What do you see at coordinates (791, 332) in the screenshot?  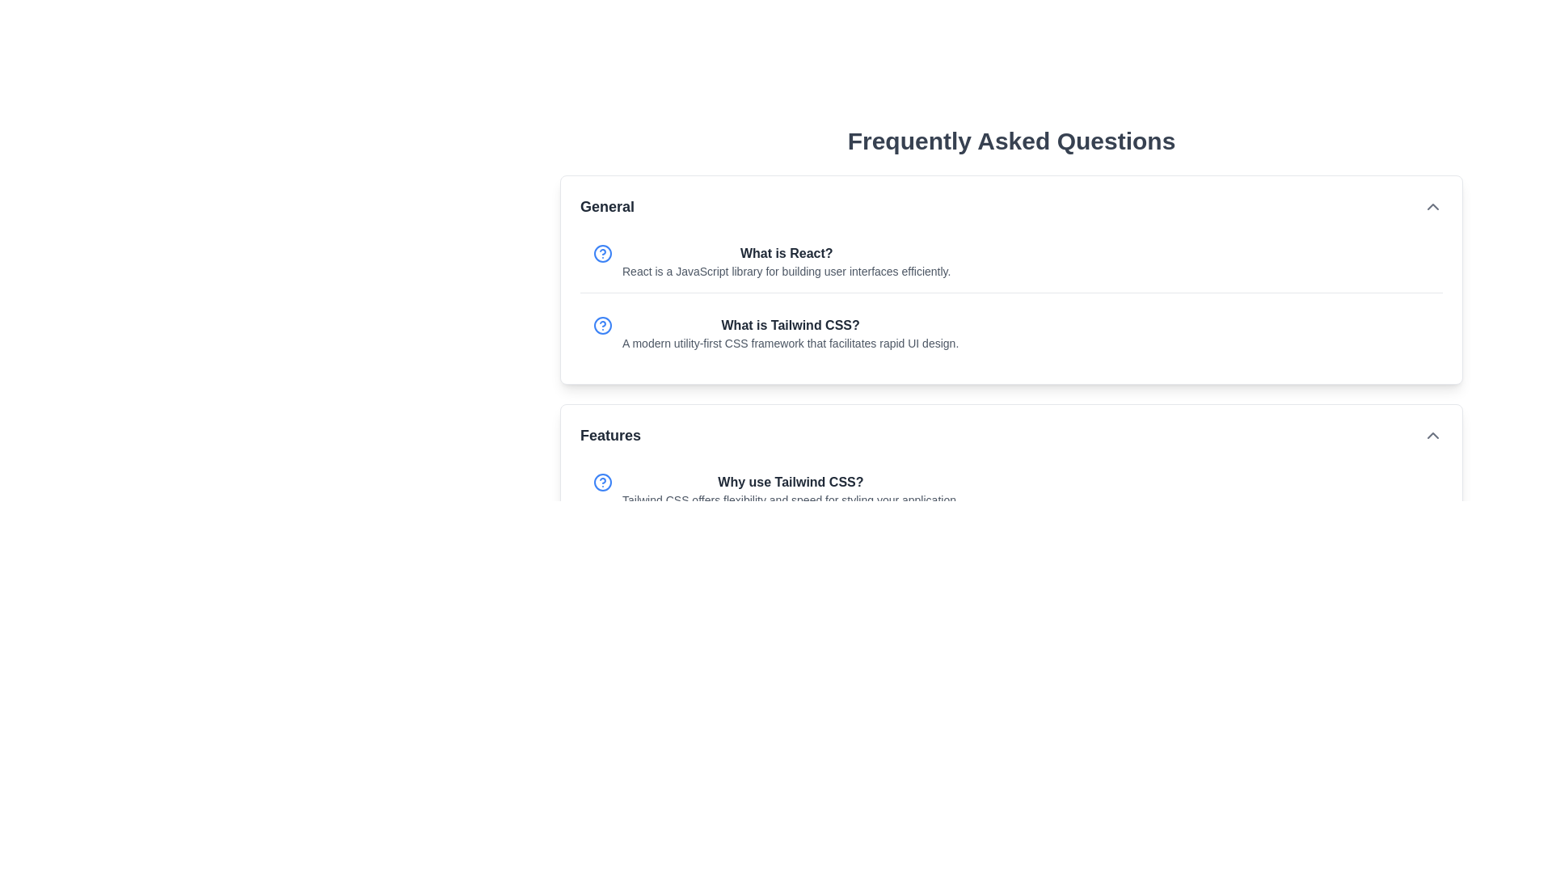 I see `the Text Content Block that contains the bold text 'What is Tailwind CSS?' and the lighter text 'A modern utility-first CSS framework that facilitates rapid UI design.' located under the 'General' section of the FAQ page` at bounding box center [791, 332].